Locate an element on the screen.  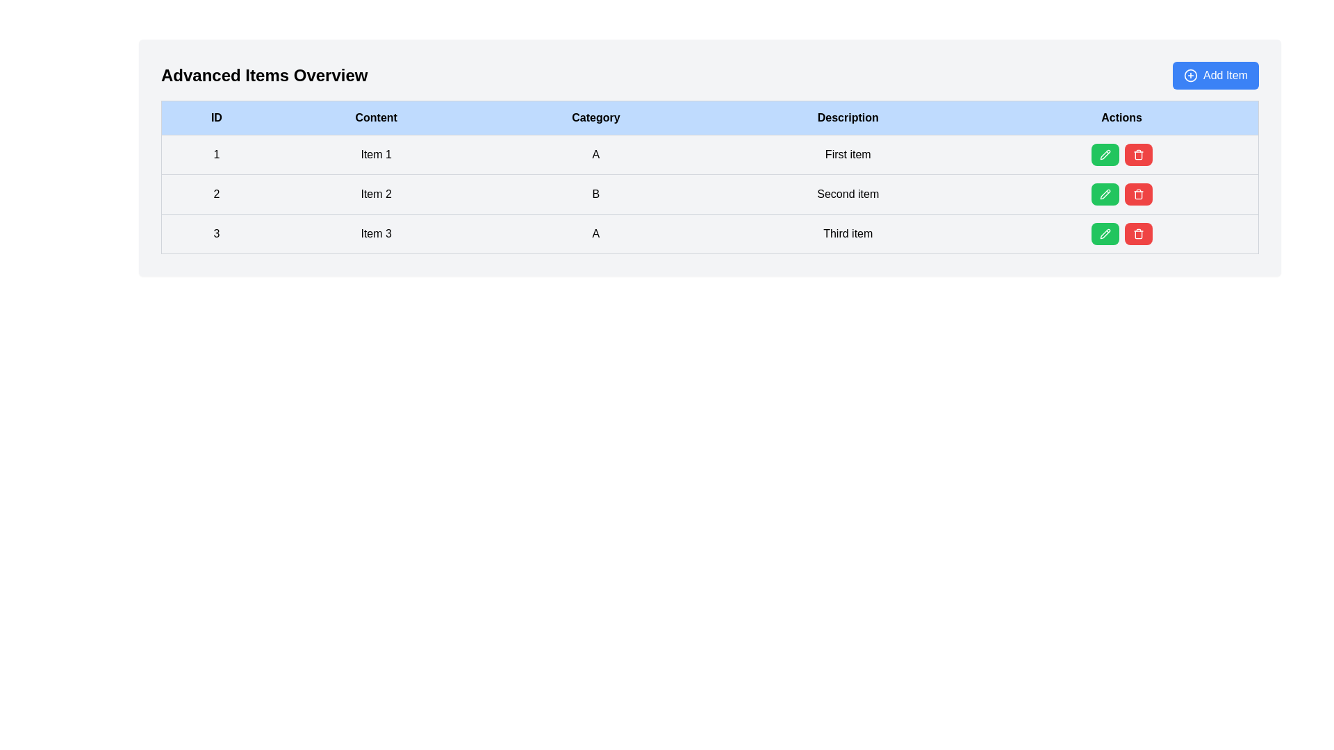
the static text element displaying the numerical identifier '3' in the first column of the third row of the table, which is bolded and has a black font on a light gray background is located at coordinates (215, 233).